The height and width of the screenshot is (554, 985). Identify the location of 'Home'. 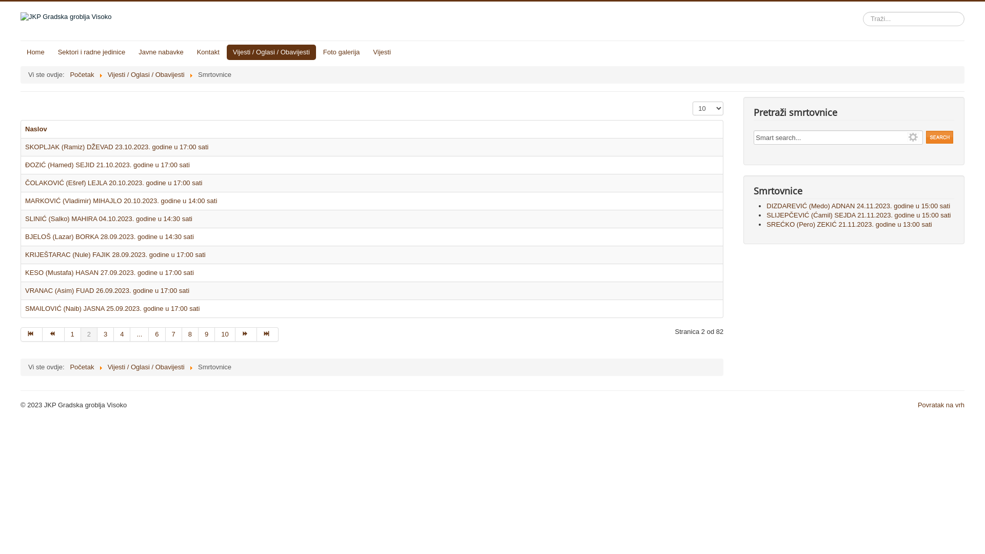
(35, 52).